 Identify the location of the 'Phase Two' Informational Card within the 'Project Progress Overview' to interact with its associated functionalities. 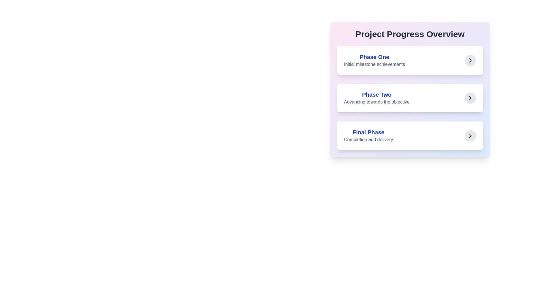
(410, 89).